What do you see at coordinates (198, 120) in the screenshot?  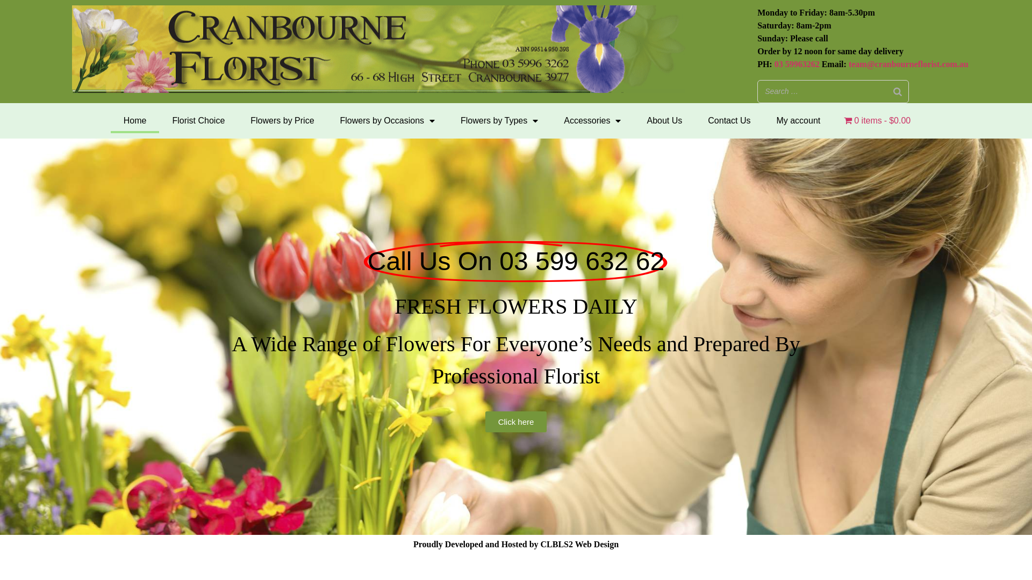 I see `'Florist Choice'` at bounding box center [198, 120].